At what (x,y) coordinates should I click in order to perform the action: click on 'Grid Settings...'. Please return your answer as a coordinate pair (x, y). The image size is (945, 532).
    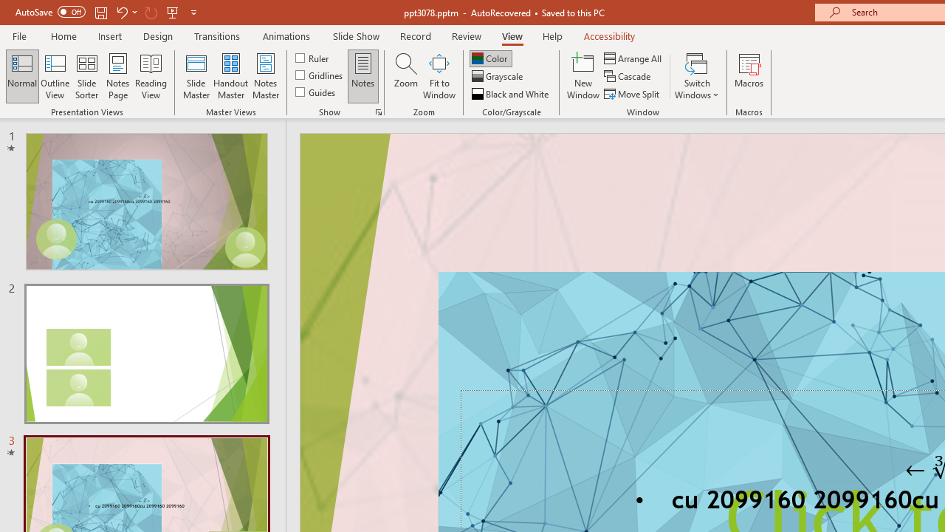
    Looking at the image, I should click on (379, 111).